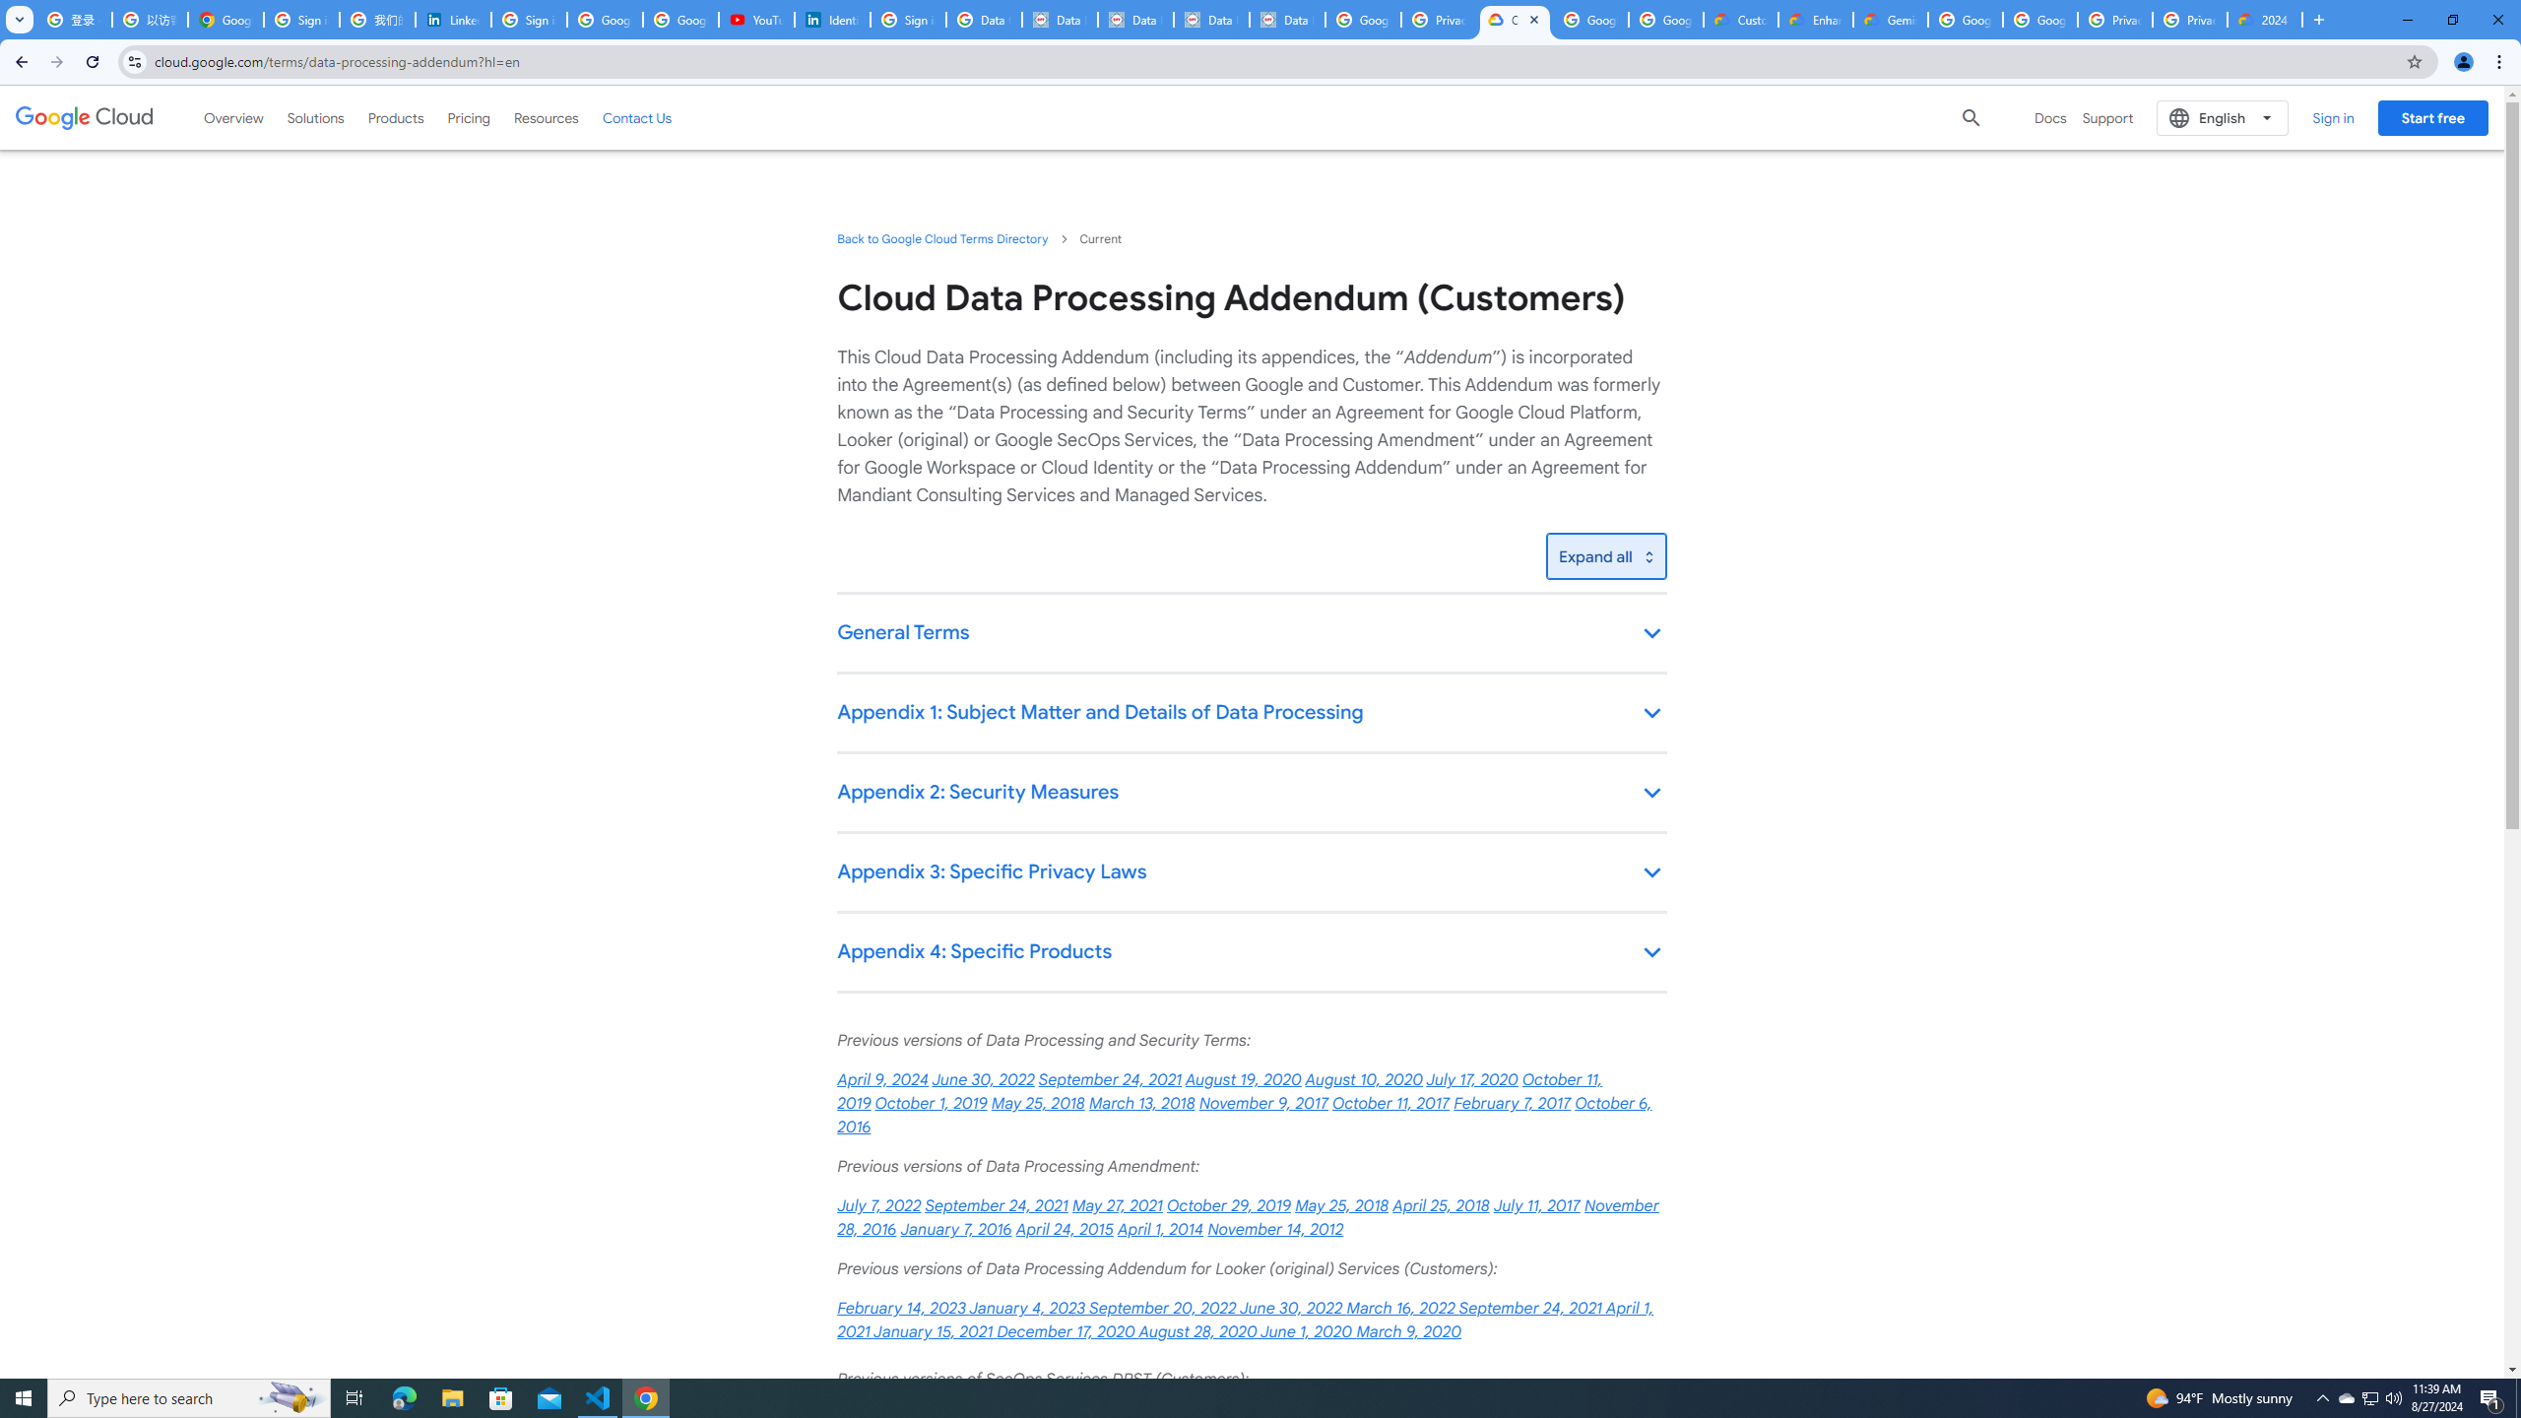  I want to click on 'Data Privacy Framework', so click(1060, 19).